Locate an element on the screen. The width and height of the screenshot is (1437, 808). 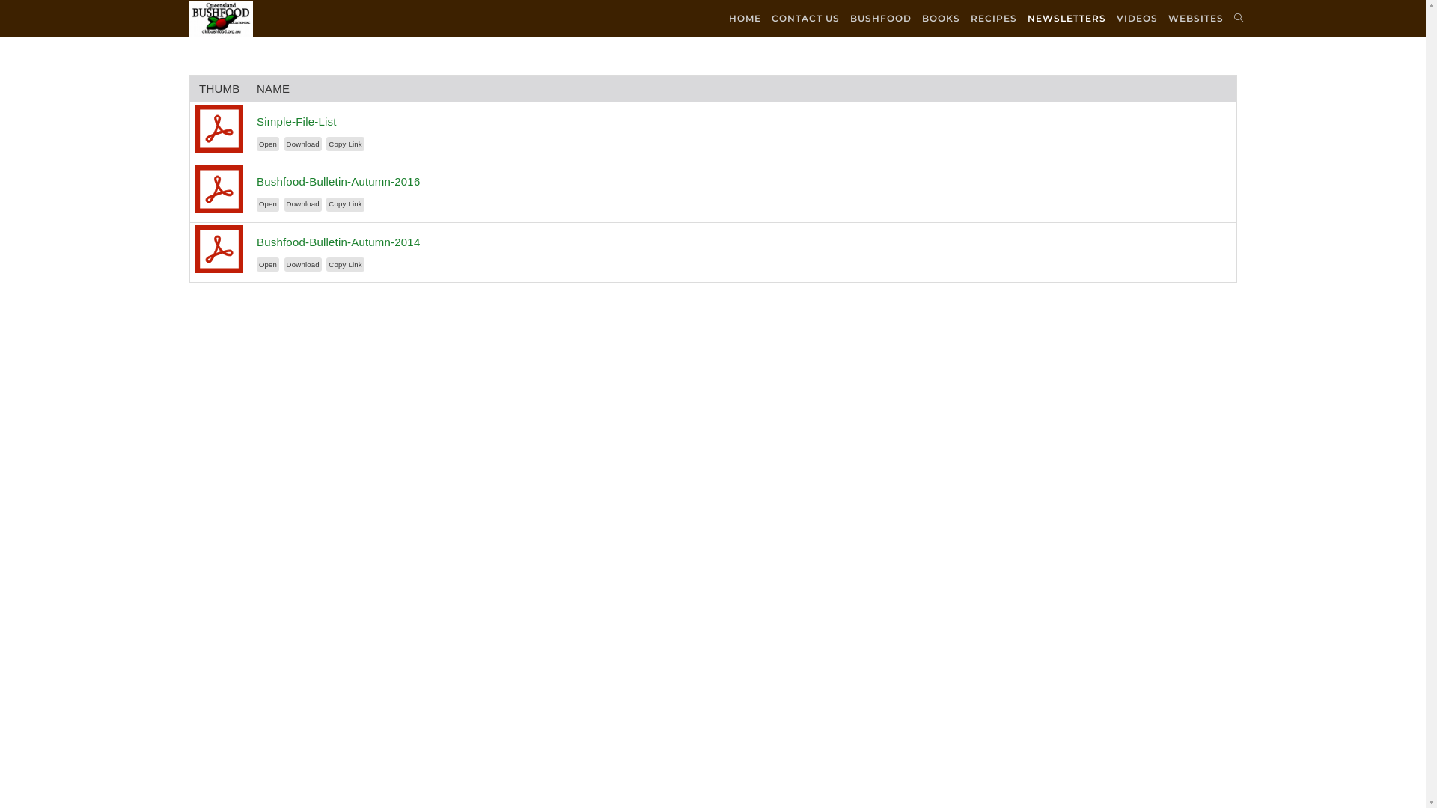
'NEWSLETTERS' is located at coordinates (1066, 18).